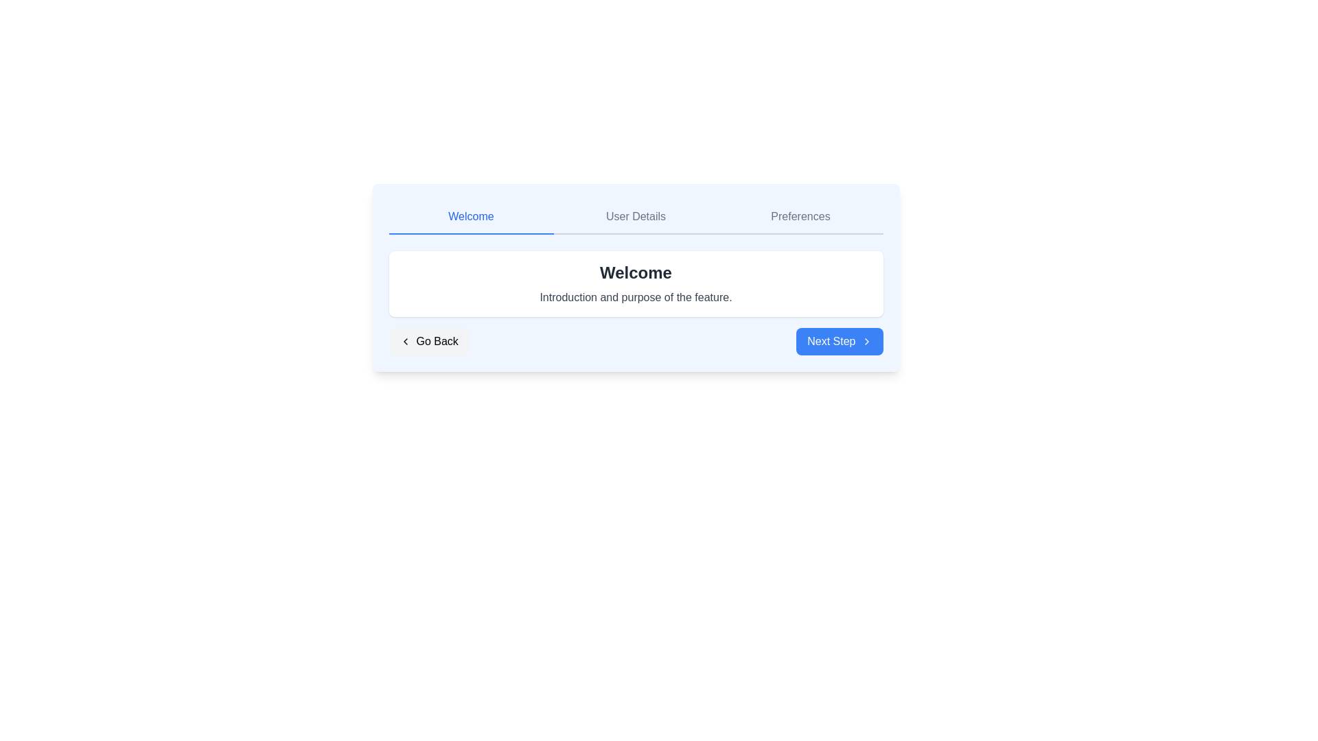  What do you see at coordinates (800, 216) in the screenshot?
I see `the 'Preferences' tab, which is the third tab in a horizontal sequence of tabs styled with gray text and underline` at bounding box center [800, 216].